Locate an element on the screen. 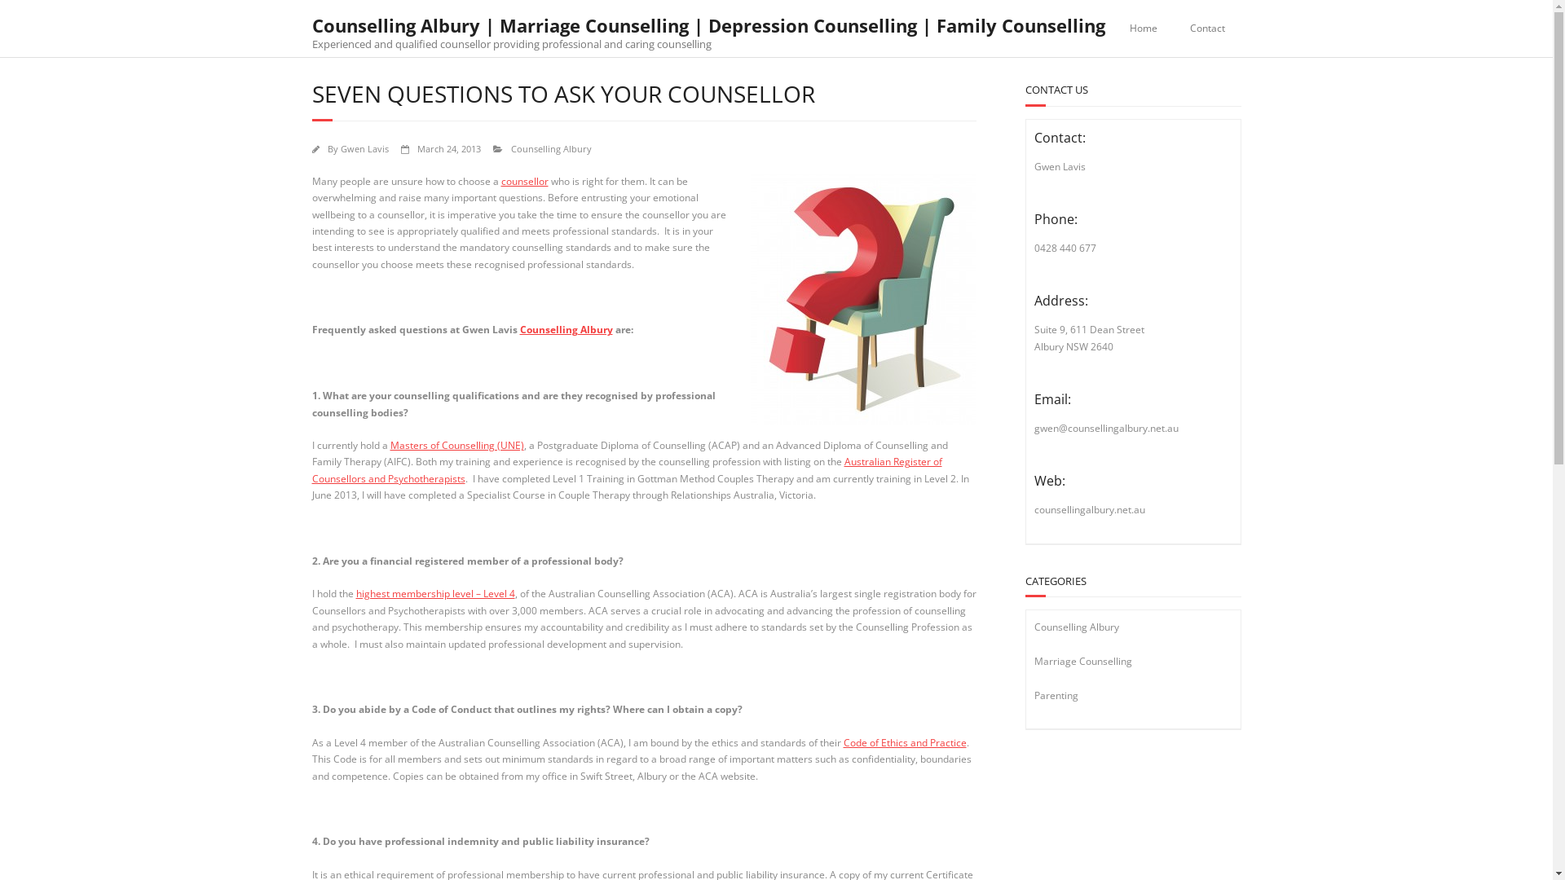  'gwen@counsellingalbury.net.au' is located at coordinates (1105, 427).